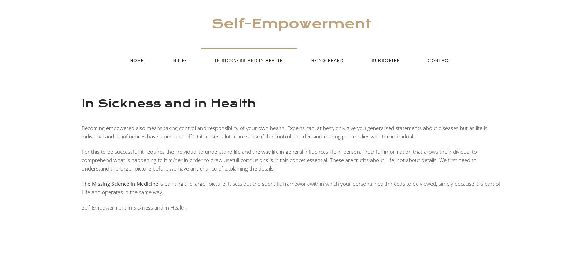  Describe the element at coordinates (134, 207) in the screenshot. I see `'Self-Empowerment in Sickness and in Health.'` at that location.